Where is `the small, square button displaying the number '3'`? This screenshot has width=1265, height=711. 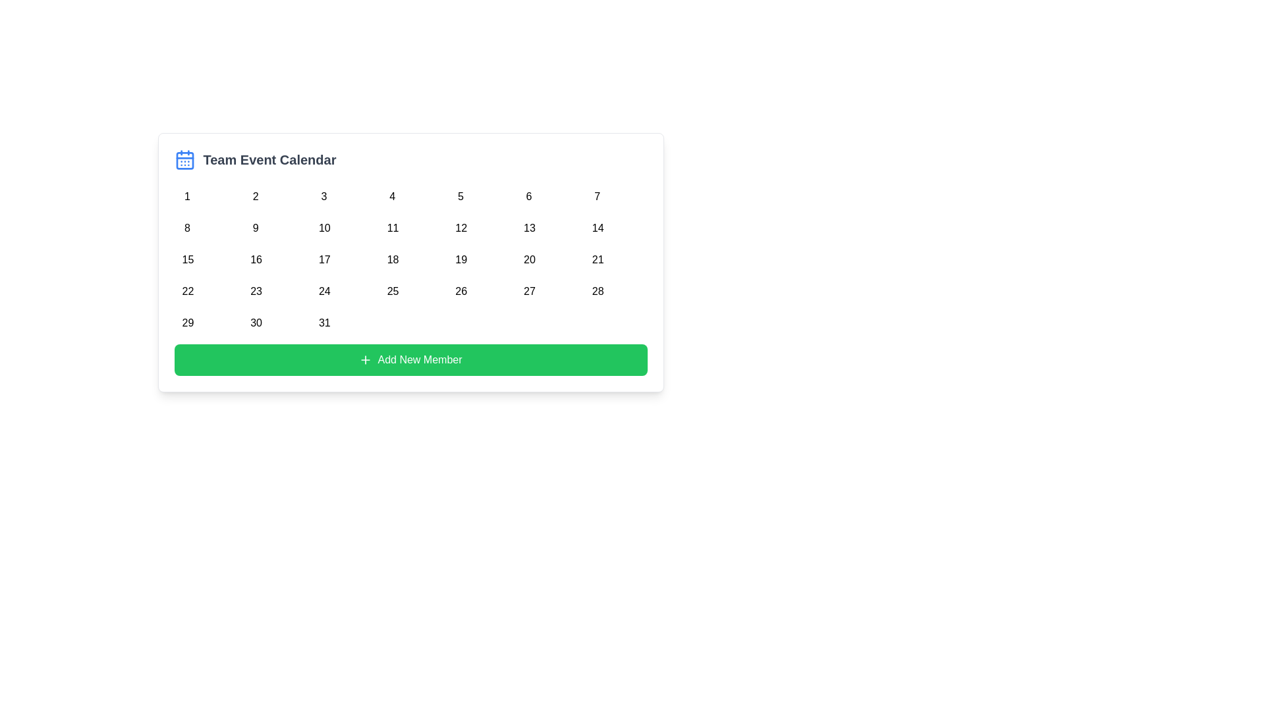
the small, square button displaying the number '3' is located at coordinates (323, 194).